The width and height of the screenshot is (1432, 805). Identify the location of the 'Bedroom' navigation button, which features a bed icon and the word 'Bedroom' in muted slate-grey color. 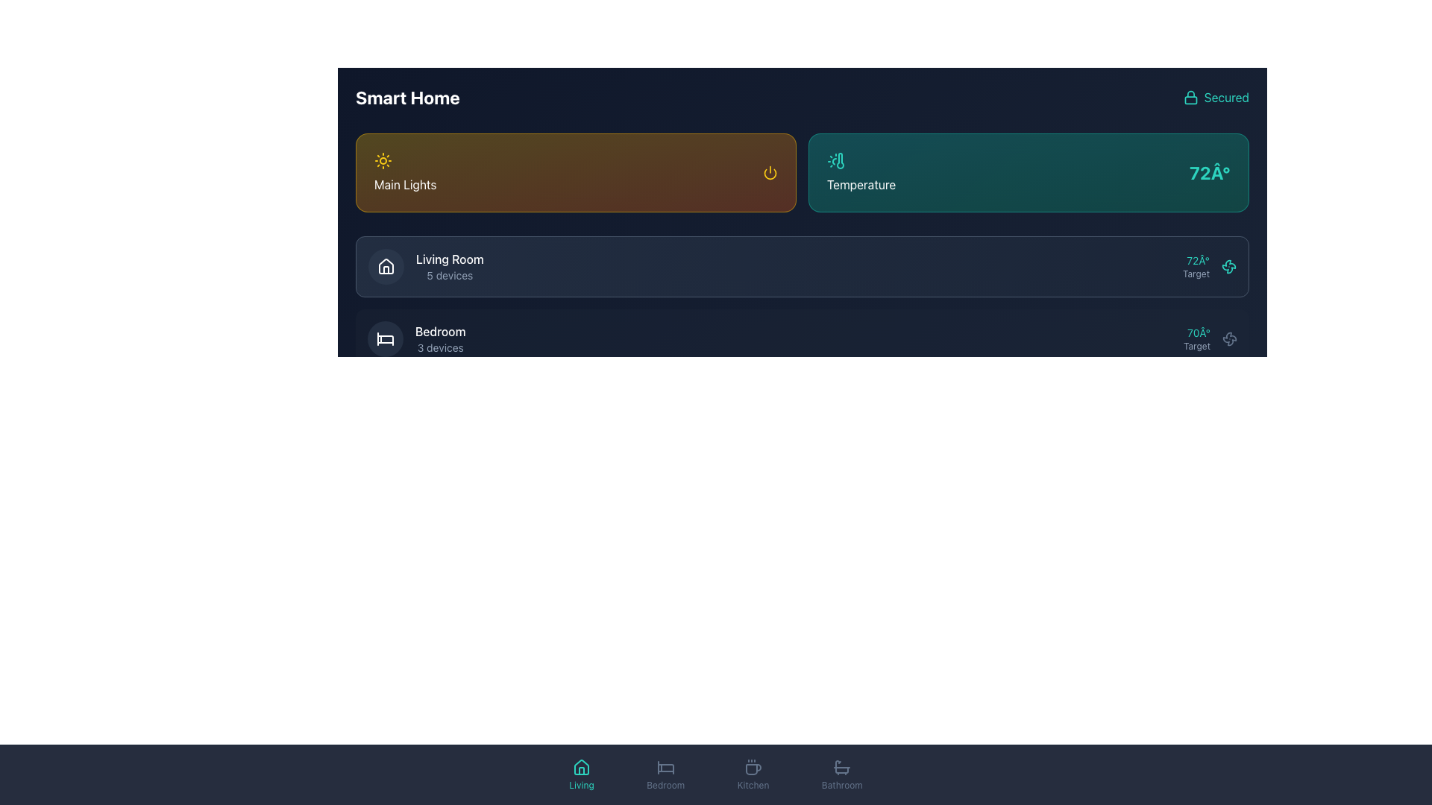
(665, 774).